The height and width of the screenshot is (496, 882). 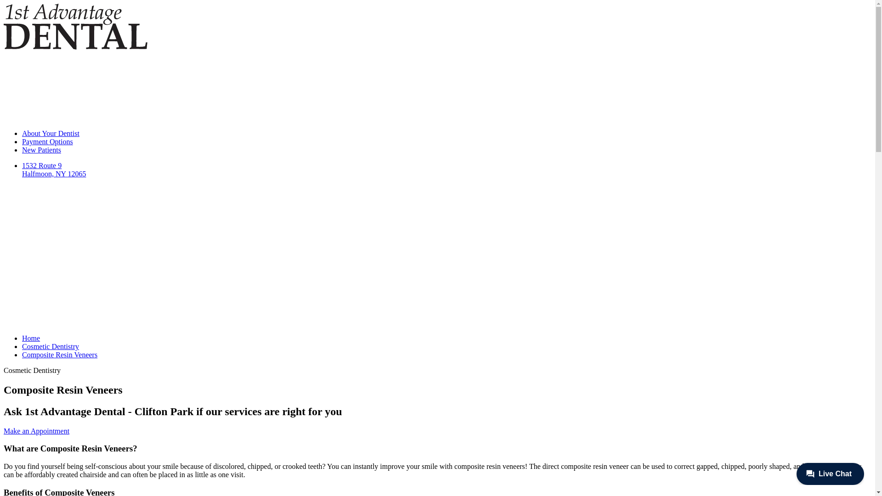 I want to click on 'Cosmetic Dentistry', so click(x=50, y=346).